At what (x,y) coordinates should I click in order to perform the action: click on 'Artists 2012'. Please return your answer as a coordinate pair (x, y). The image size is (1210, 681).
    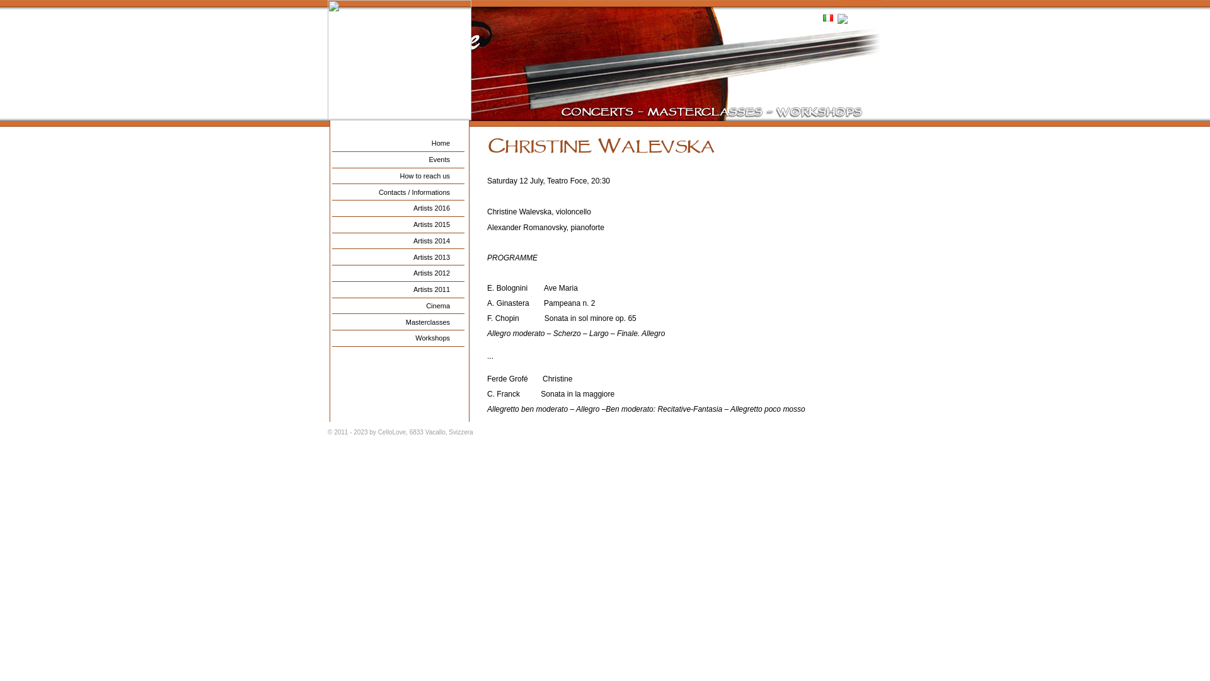
    Looking at the image, I should click on (398, 273).